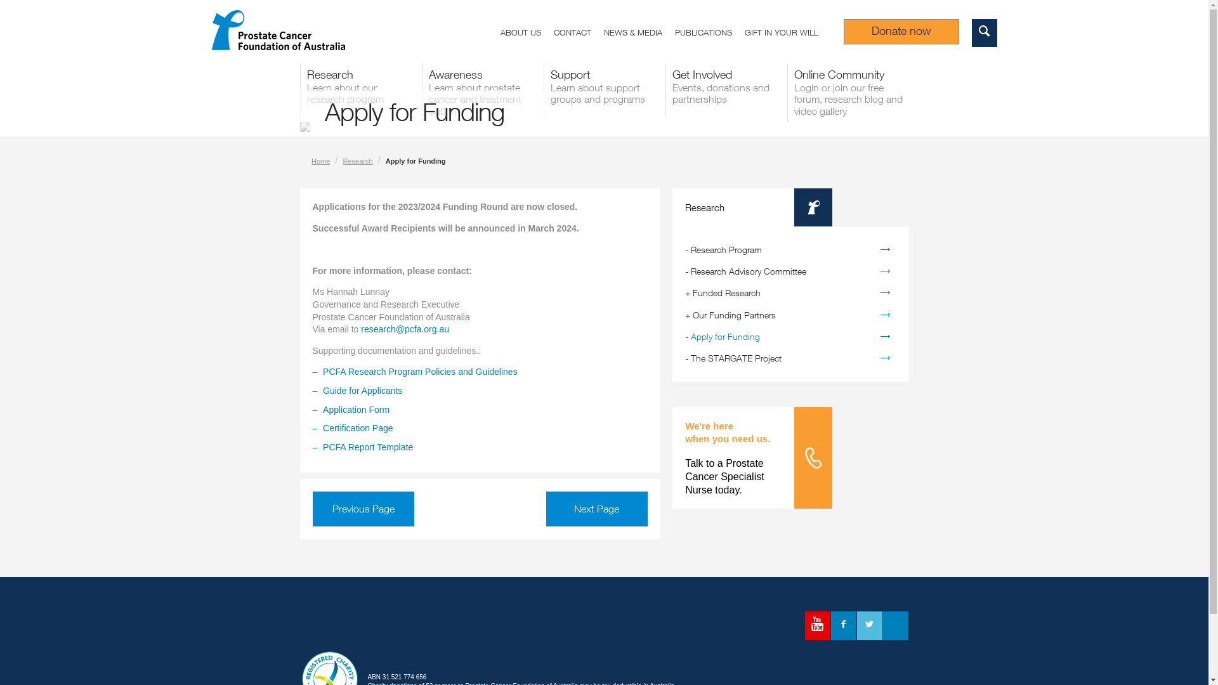 The image size is (1218, 685). I want to click on 'Awareness, so click(481, 92).